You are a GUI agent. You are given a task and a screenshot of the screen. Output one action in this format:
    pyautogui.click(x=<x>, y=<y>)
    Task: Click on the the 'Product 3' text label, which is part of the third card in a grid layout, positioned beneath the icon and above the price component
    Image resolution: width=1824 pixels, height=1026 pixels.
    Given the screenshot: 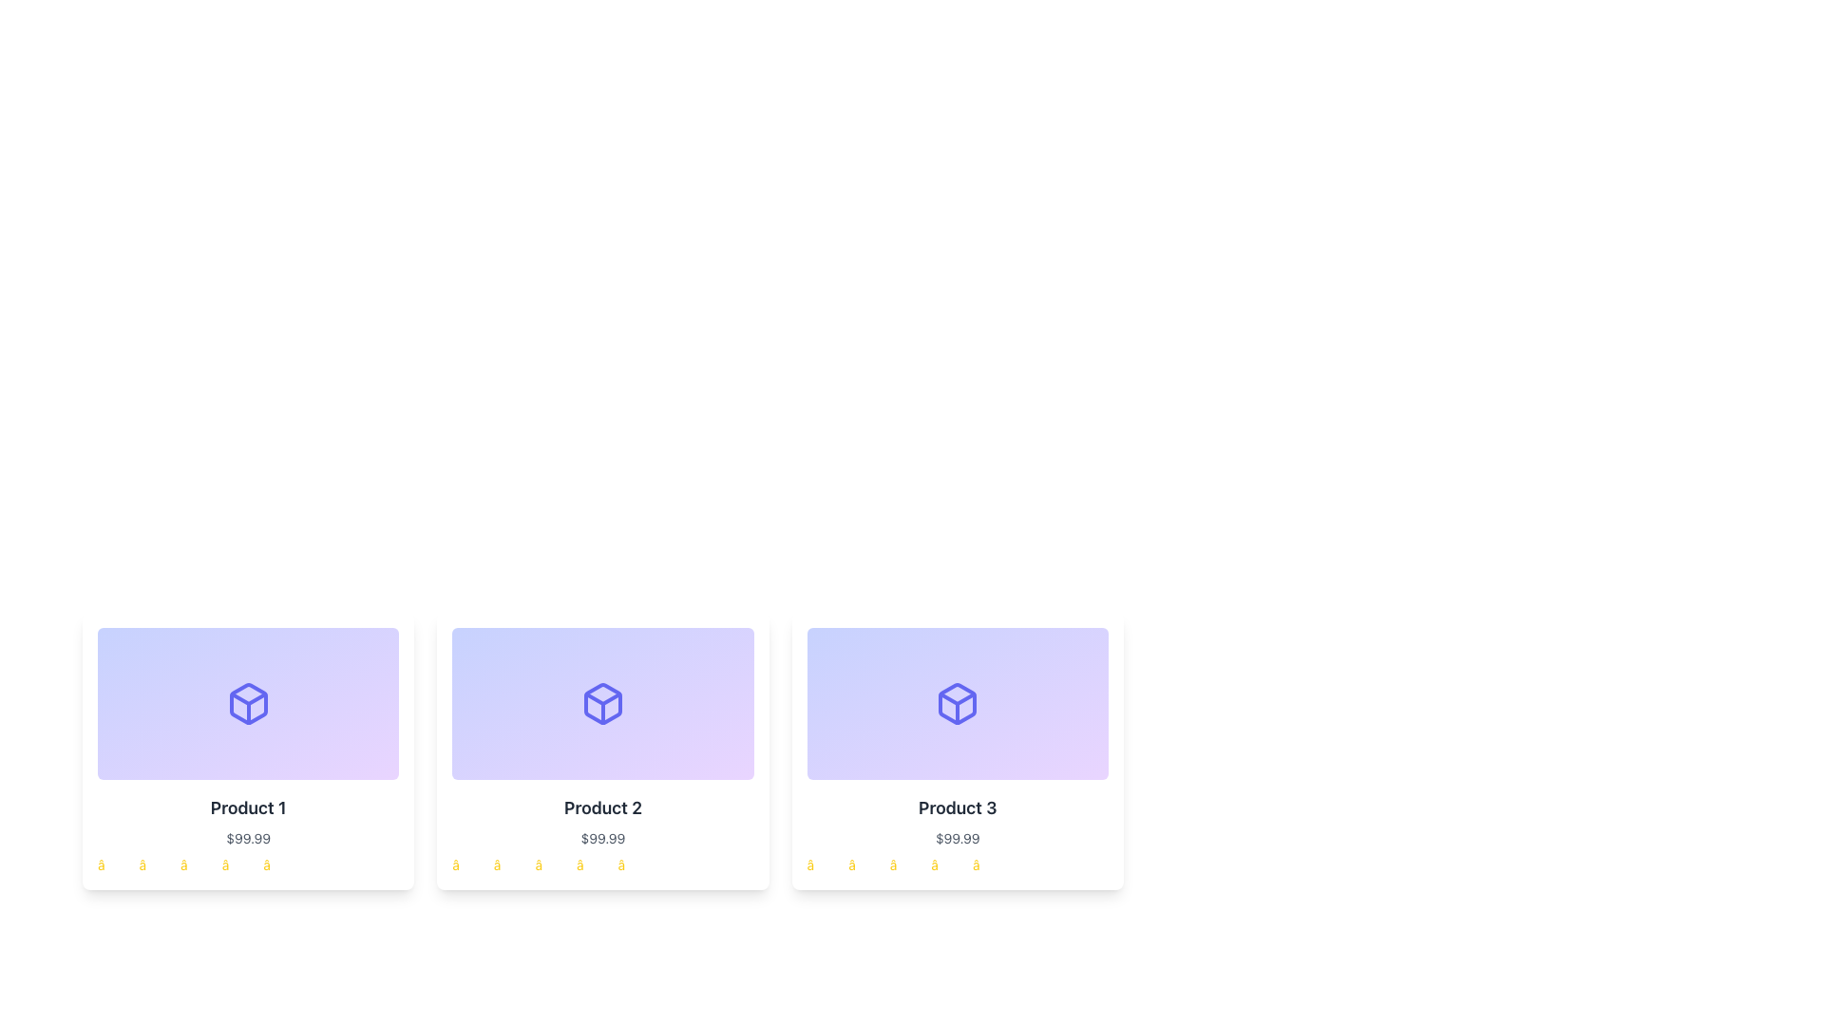 What is the action you would take?
    pyautogui.click(x=958, y=808)
    